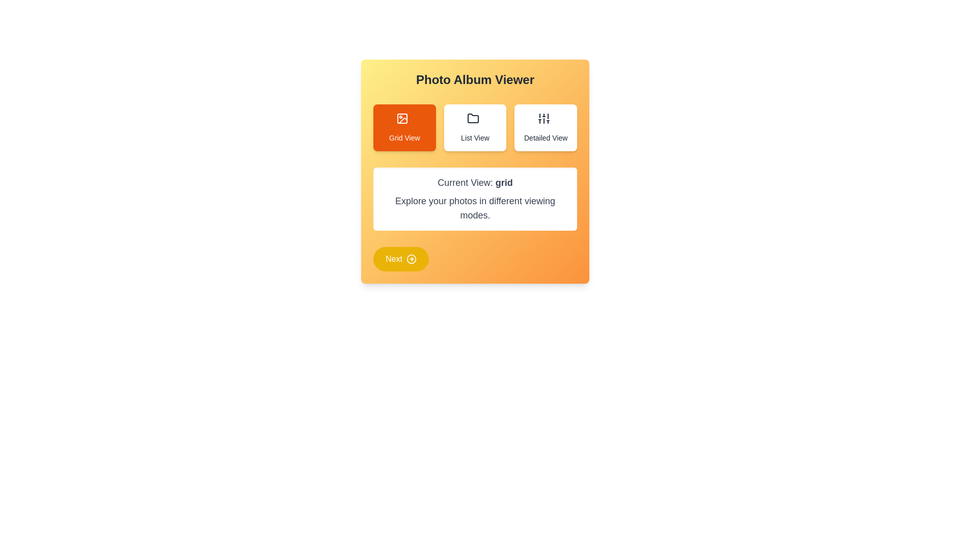  I want to click on text content of the button displaying the word 'Next', which is styled in white and centered within a rounded yellow button at the bottom-left of the interface, so click(393, 259).